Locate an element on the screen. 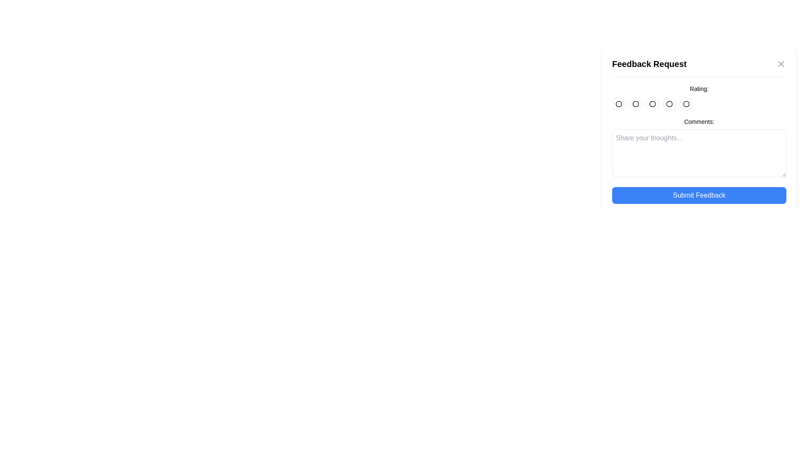  the first rating icon is located at coordinates (619, 103).